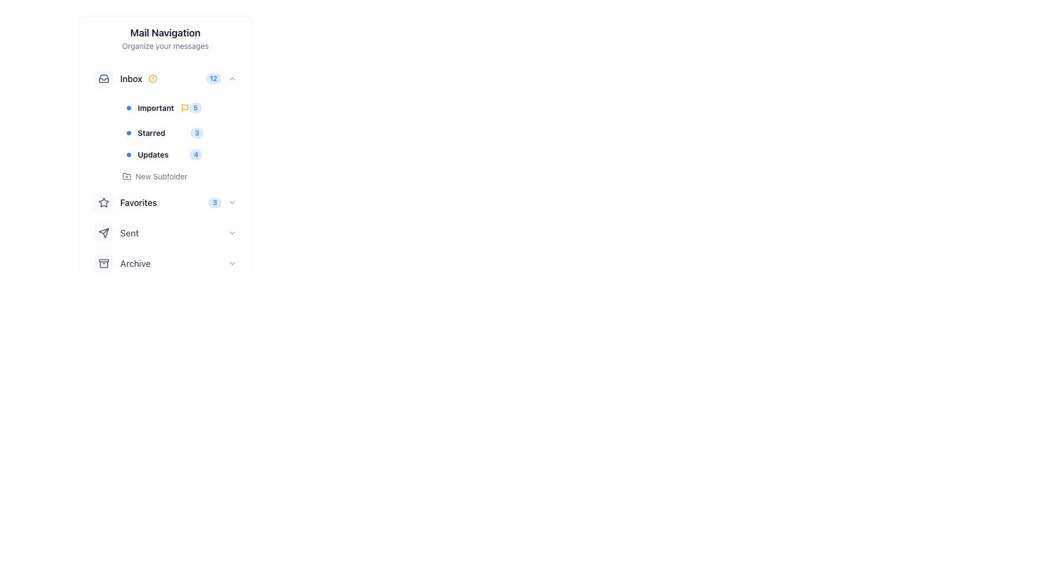  Describe the element at coordinates (127, 176) in the screenshot. I see `the SVG Icon for creating a new subfolder, which is located to the left of the 'New Subfolder' text in the navigation pane` at that location.